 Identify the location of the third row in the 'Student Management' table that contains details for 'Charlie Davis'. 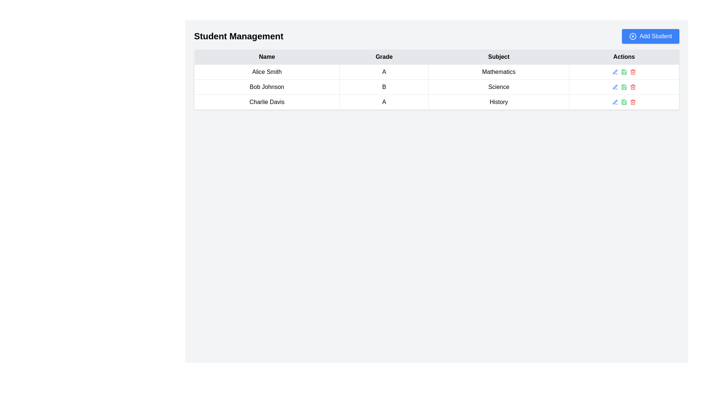
(436, 102).